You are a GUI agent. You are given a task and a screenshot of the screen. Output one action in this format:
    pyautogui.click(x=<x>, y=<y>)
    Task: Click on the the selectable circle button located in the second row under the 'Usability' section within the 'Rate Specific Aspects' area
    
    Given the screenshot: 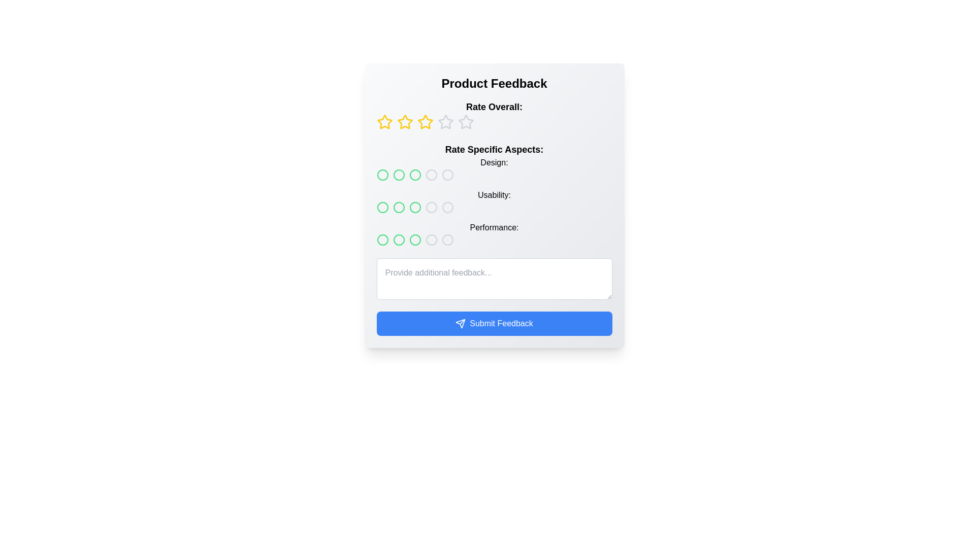 What is the action you would take?
    pyautogui.click(x=431, y=207)
    